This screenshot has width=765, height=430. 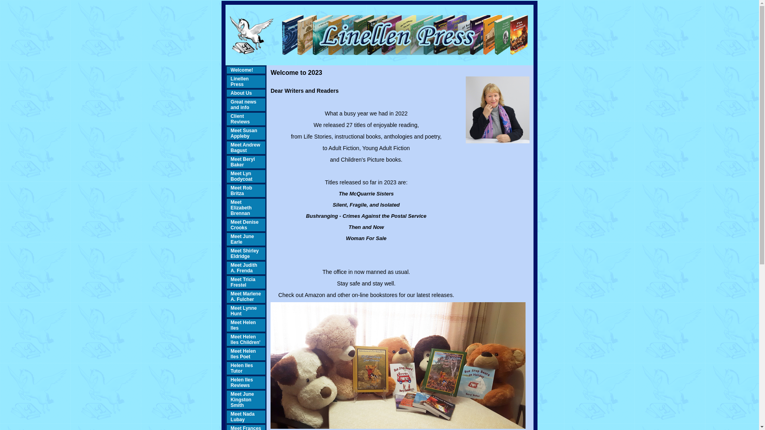 What do you see at coordinates (244, 225) in the screenshot?
I see `'Meet Denise Crooks'` at bounding box center [244, 225].